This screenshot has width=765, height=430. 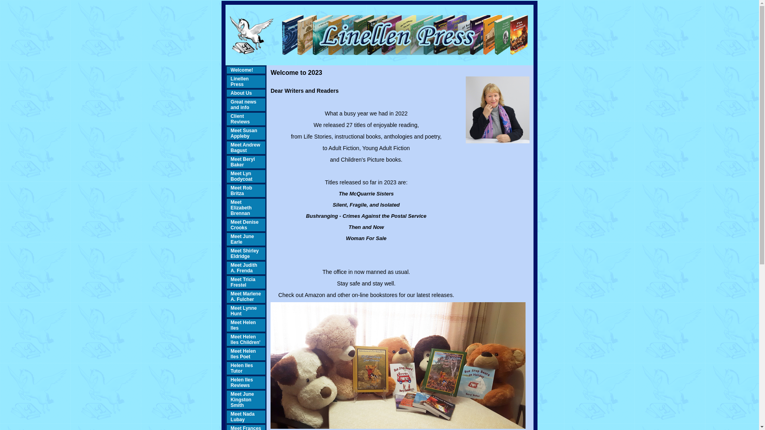 What do you see at coordinates (244, 225) in the screenshot?
I see `'Meet Denise Crooks'` at bounding box center [244, 225].